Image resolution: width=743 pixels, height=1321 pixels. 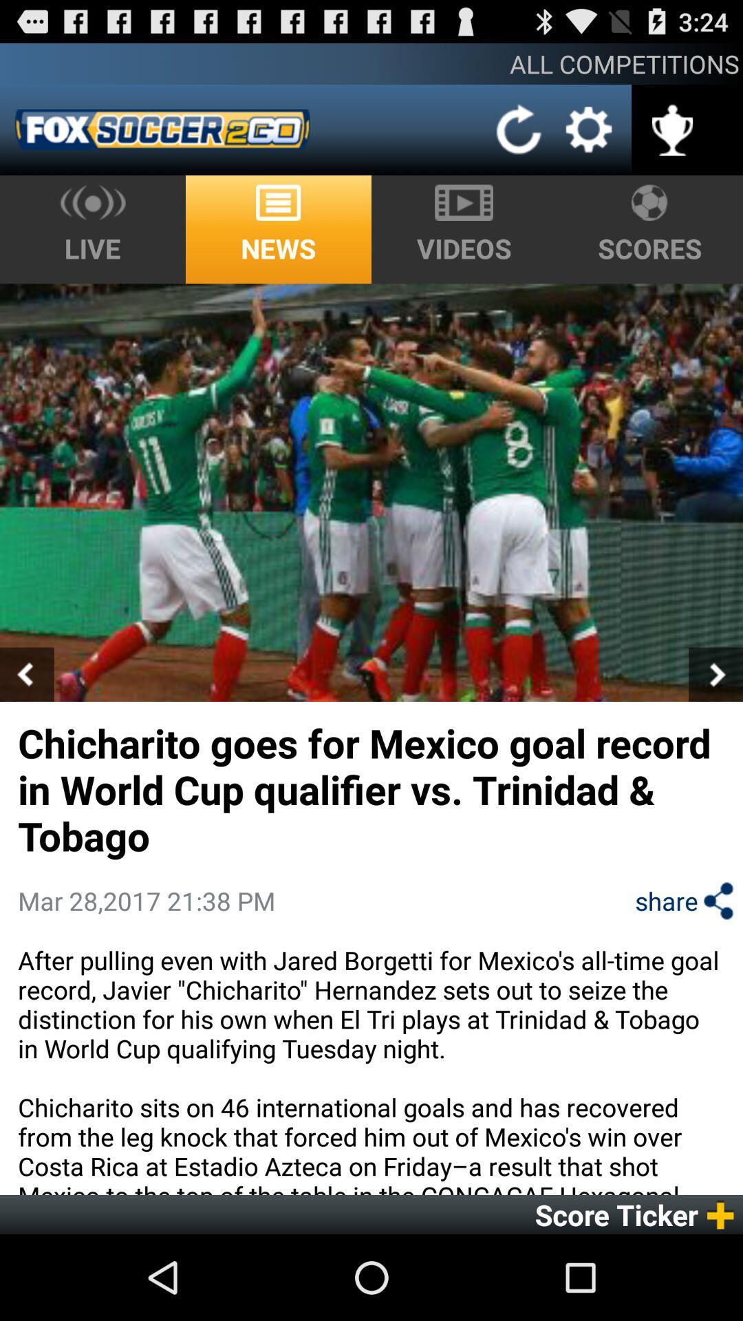 What do you see at coordinates (371, 1068) in the screenshot?
I see `the icon at the bottom` at bounding box center [371, 1068].